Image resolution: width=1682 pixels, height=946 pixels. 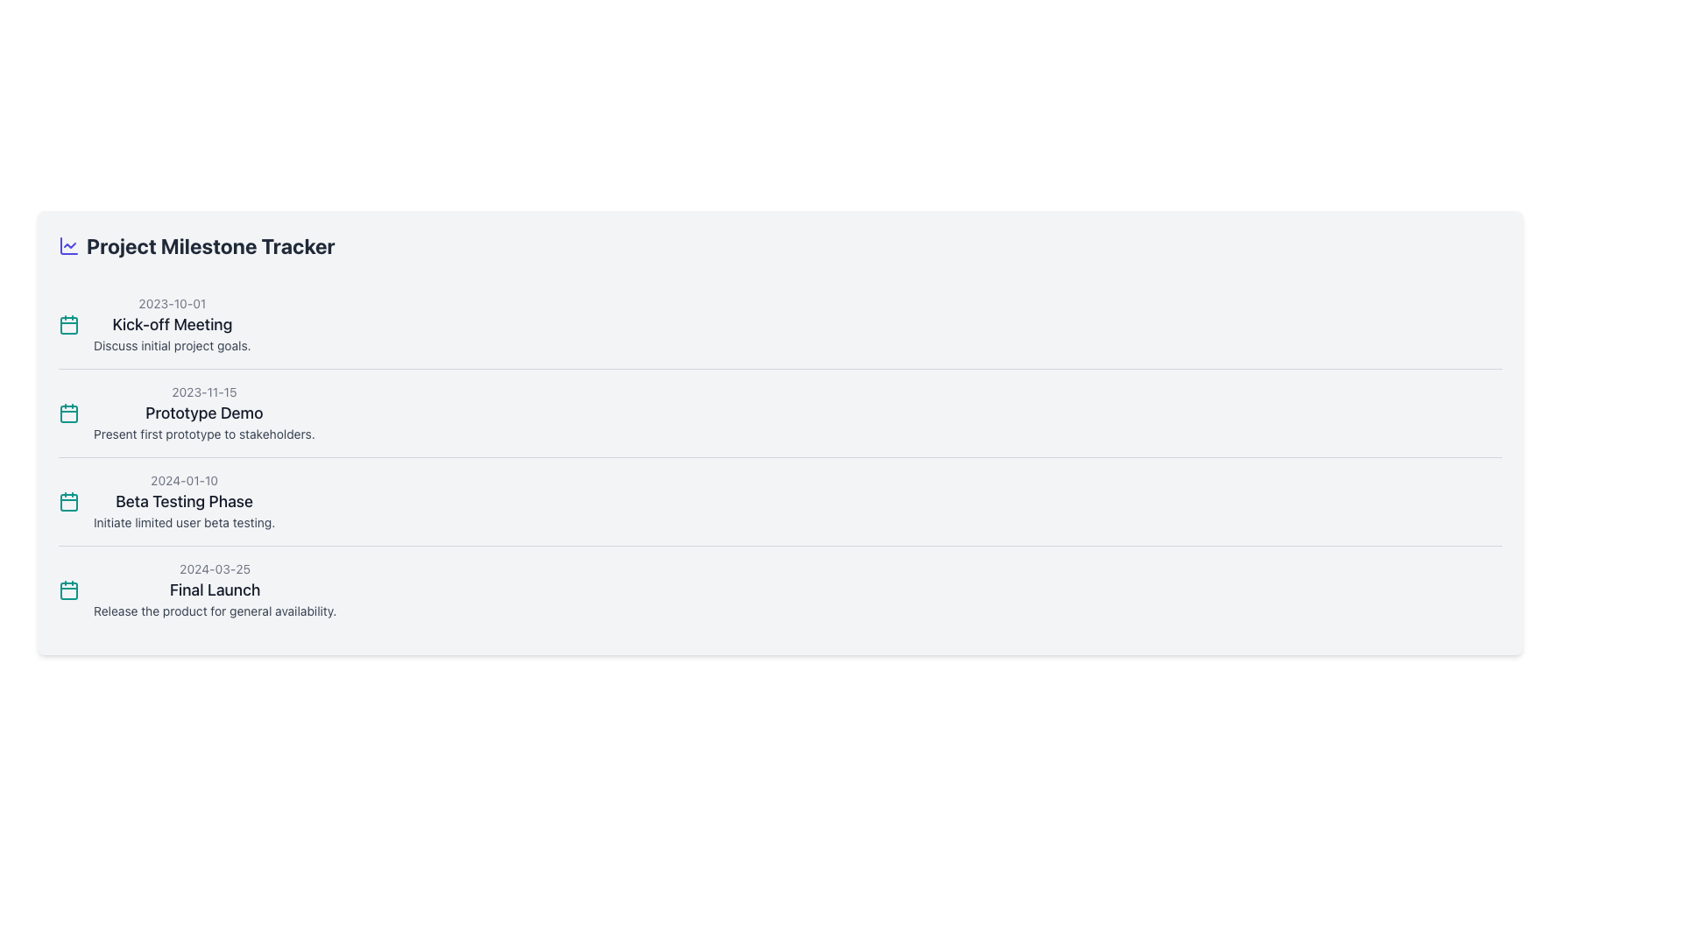 What do you see at coordinates (214, 590) in the screenshot?
I see `information presented in the Text display block which includes the date '2024-03-25', the title 'Final Launch', and the description 'Release the product for general availability.'` at bounding box center [214, 590].